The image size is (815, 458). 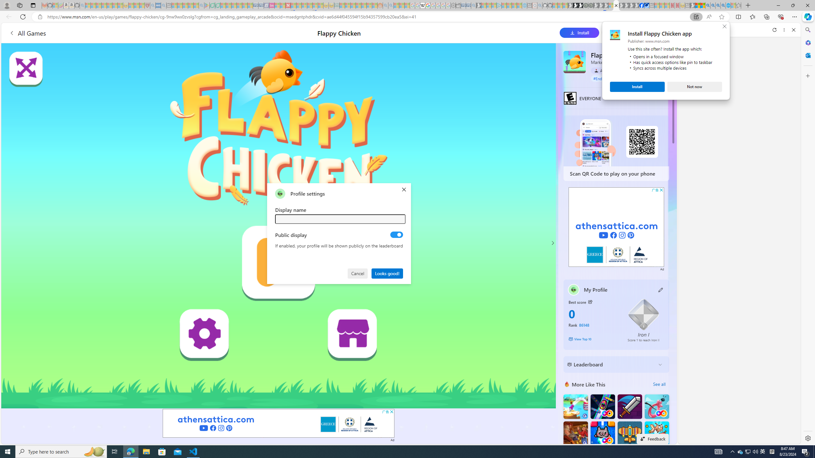 I want to click on 'Action Center, 2 new notifications', so click(x=805, y=451).